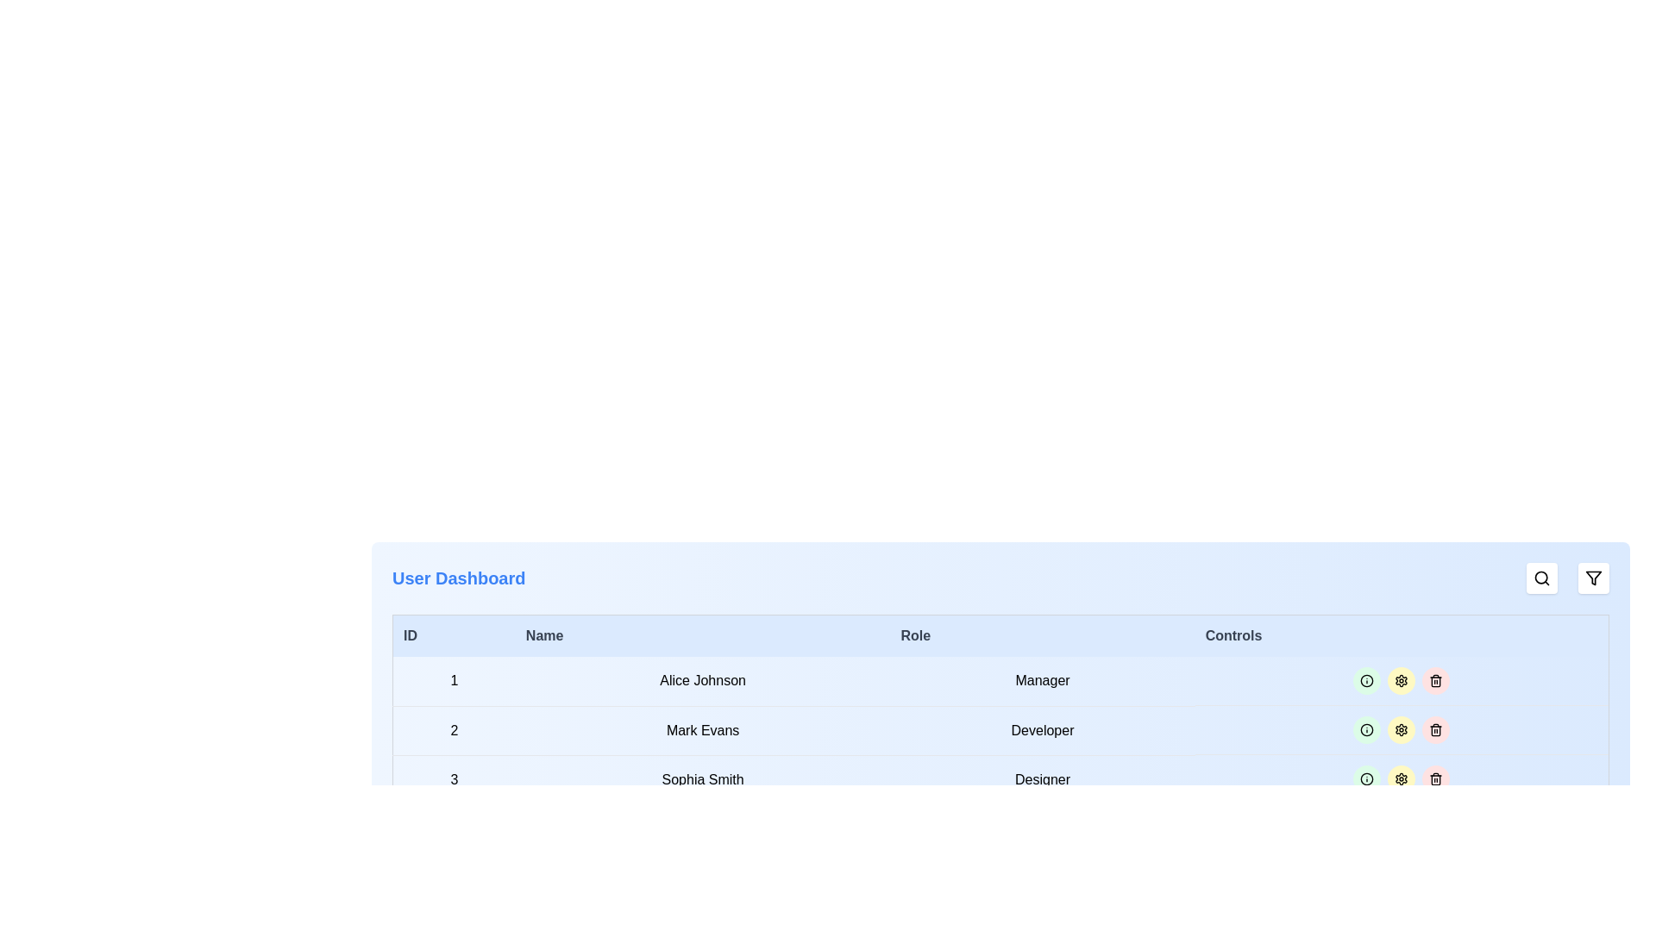 This screenshot has height=931, width=1656. I want to click on the green button located in the 'Controls' column of the second row corresponding to 'Mark Evans', the Developer, so click(1402, 730).